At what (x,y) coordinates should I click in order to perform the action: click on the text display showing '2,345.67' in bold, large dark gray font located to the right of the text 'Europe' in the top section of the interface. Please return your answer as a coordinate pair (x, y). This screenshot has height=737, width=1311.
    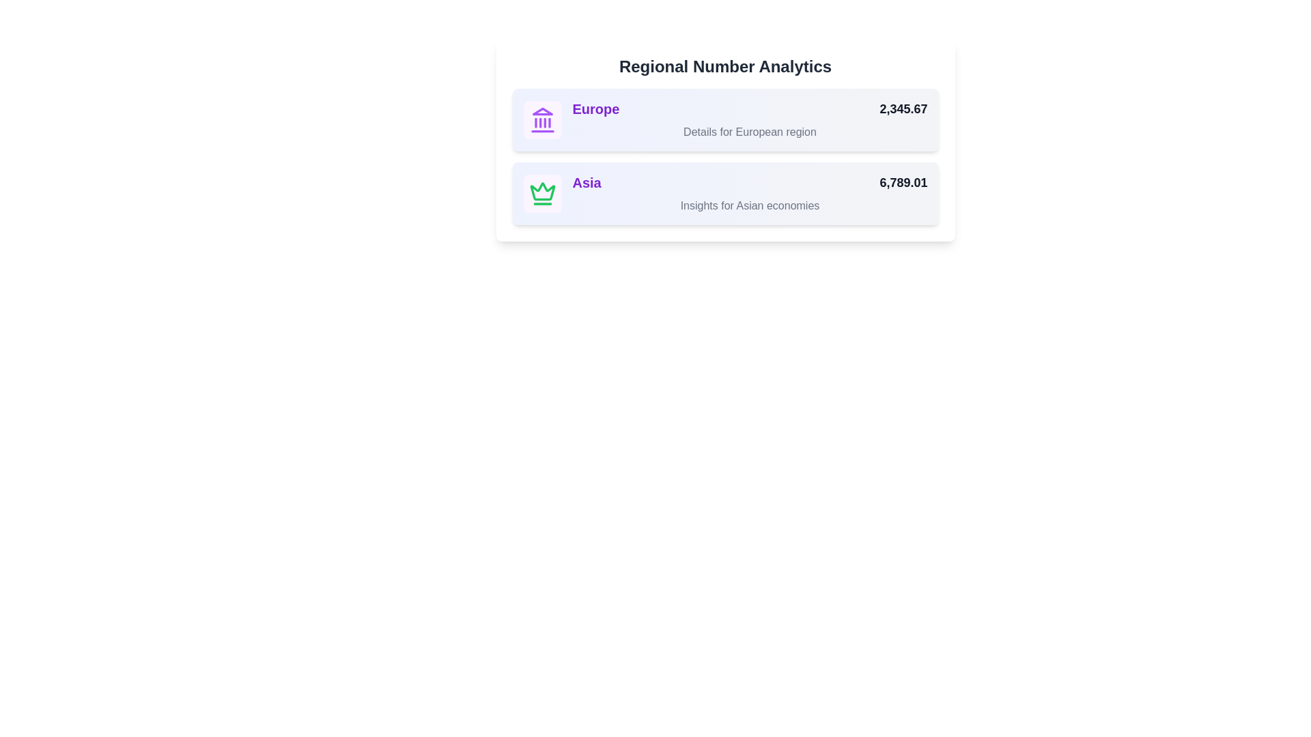
    Looking at the image, I should click on (903, 108).